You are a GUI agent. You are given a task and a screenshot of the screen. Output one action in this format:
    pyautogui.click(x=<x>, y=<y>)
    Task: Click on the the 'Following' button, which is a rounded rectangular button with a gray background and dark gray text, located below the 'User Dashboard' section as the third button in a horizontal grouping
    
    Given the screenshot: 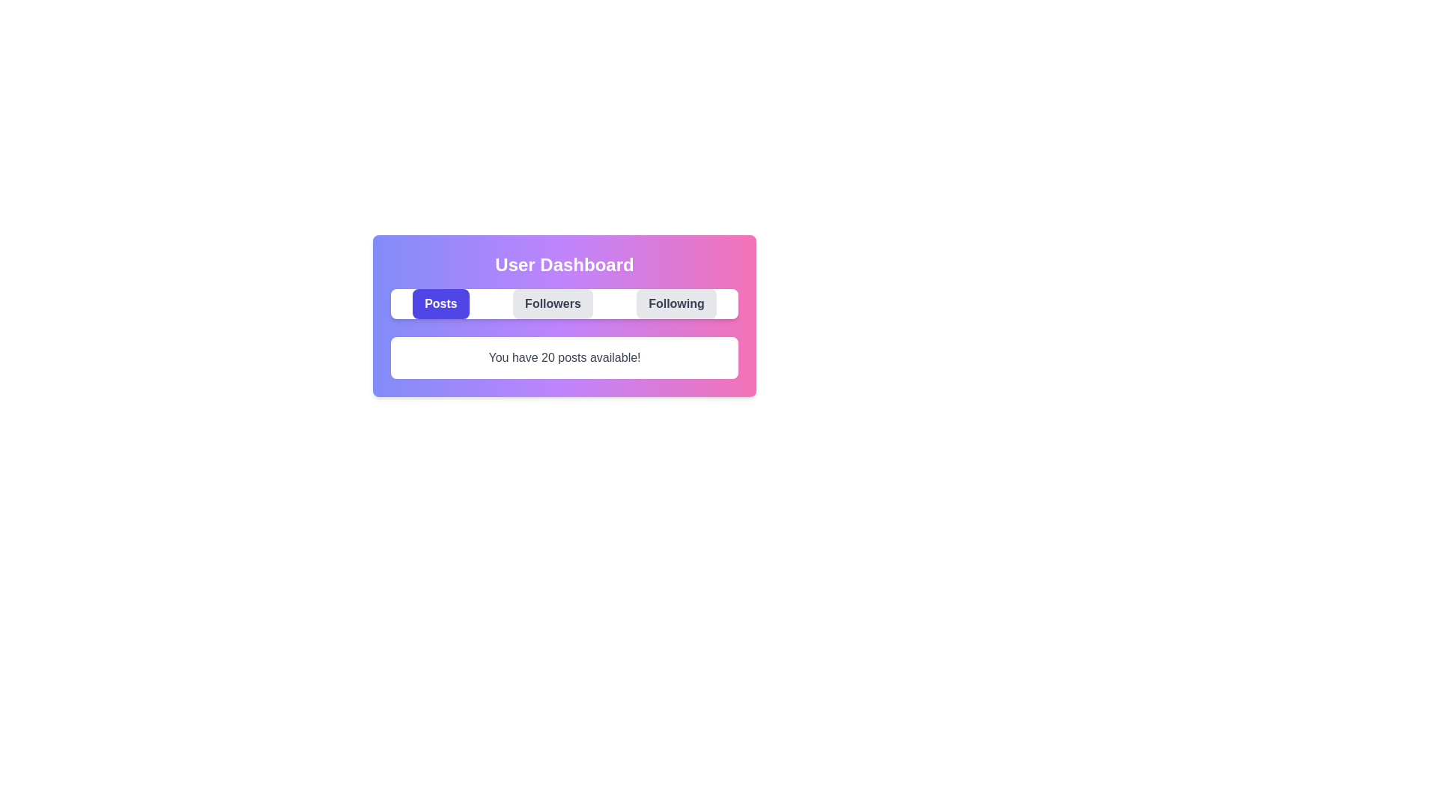 What is the action you would take?
    pyautogui.click(x=676, y=303)
    